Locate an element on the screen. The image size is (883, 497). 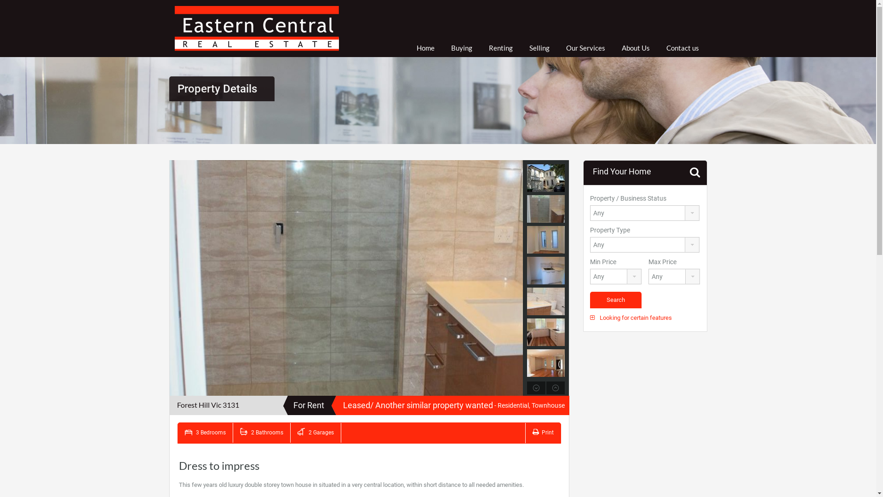
'Contact us' is located at coordinates (682, 48).